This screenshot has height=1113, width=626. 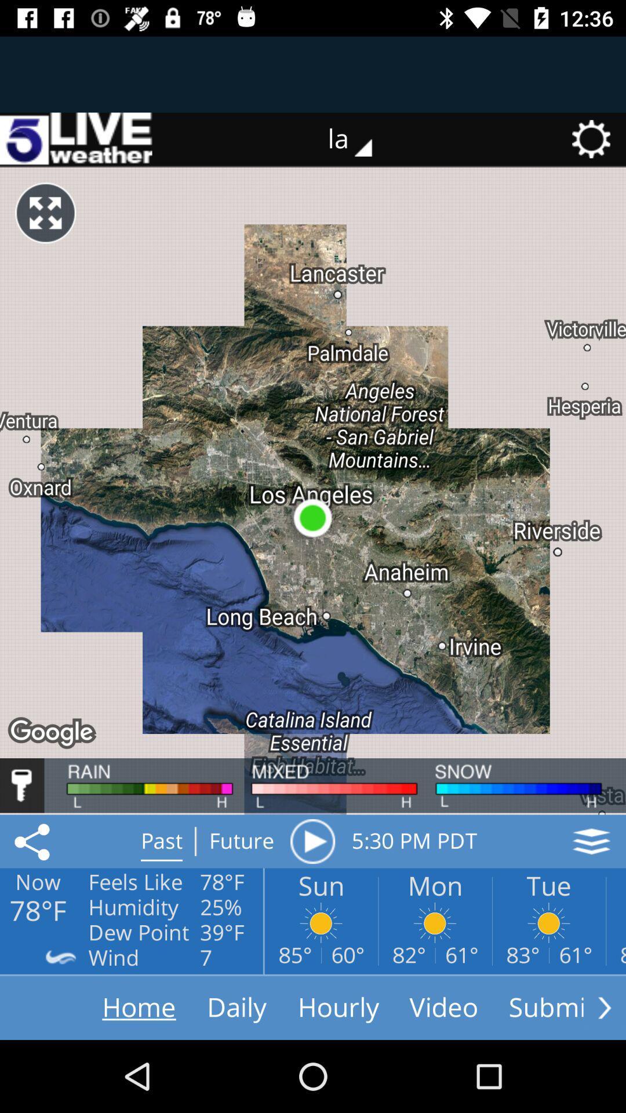 What do you see at coordinates (604, 1007) in the screenshot?
I see `the arrow_forward icon` at bounding box center [604, 1007].